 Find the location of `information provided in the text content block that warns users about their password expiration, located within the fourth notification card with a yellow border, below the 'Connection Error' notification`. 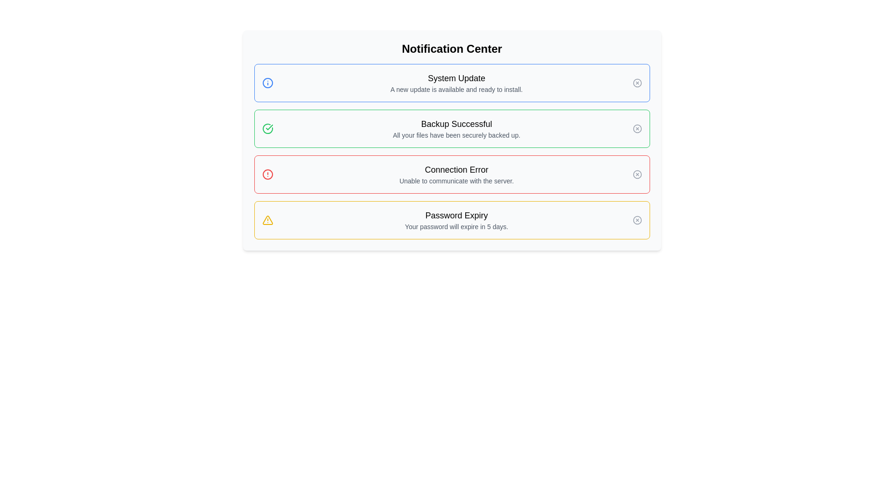

information provided in the text content block that warns users about their password expiration, located within the fourth notification card with a yellow border, below the 'Connection Error' notification is located at coordinates (456, 220).